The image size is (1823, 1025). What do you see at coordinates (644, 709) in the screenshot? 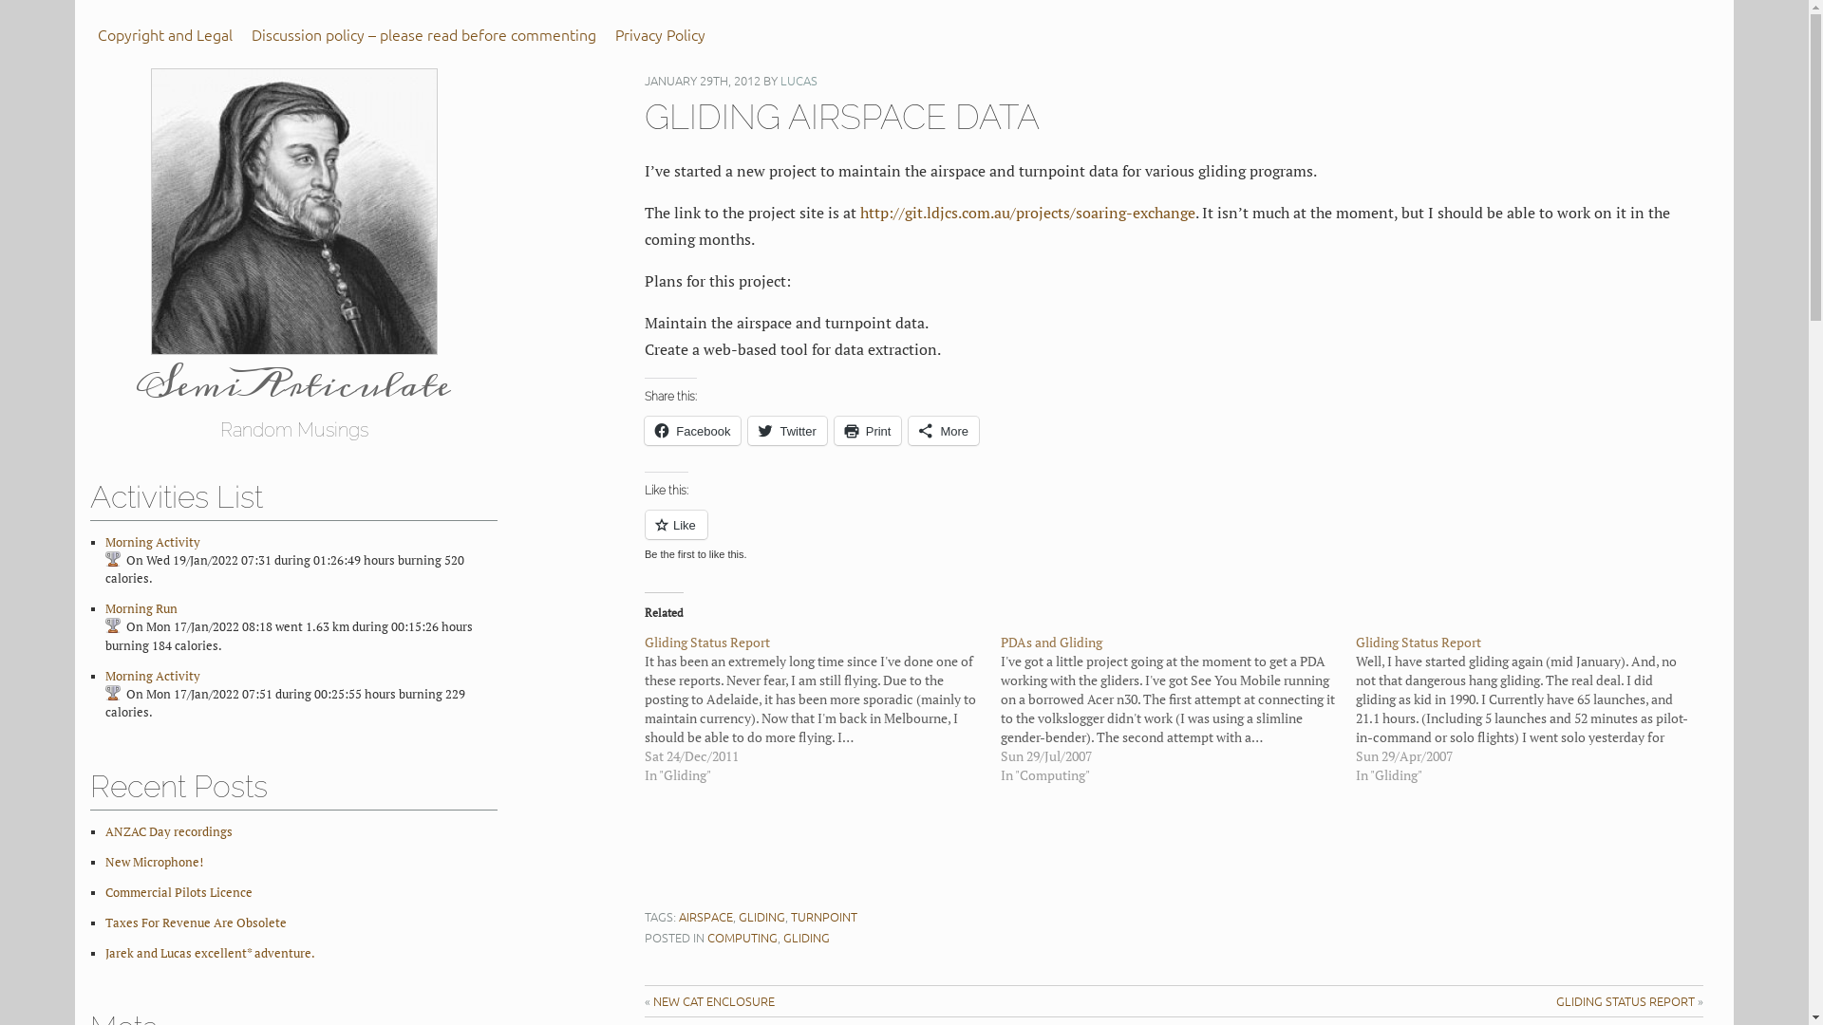
I see `'Gliding Status Report'` at bounding box center [644, 709].